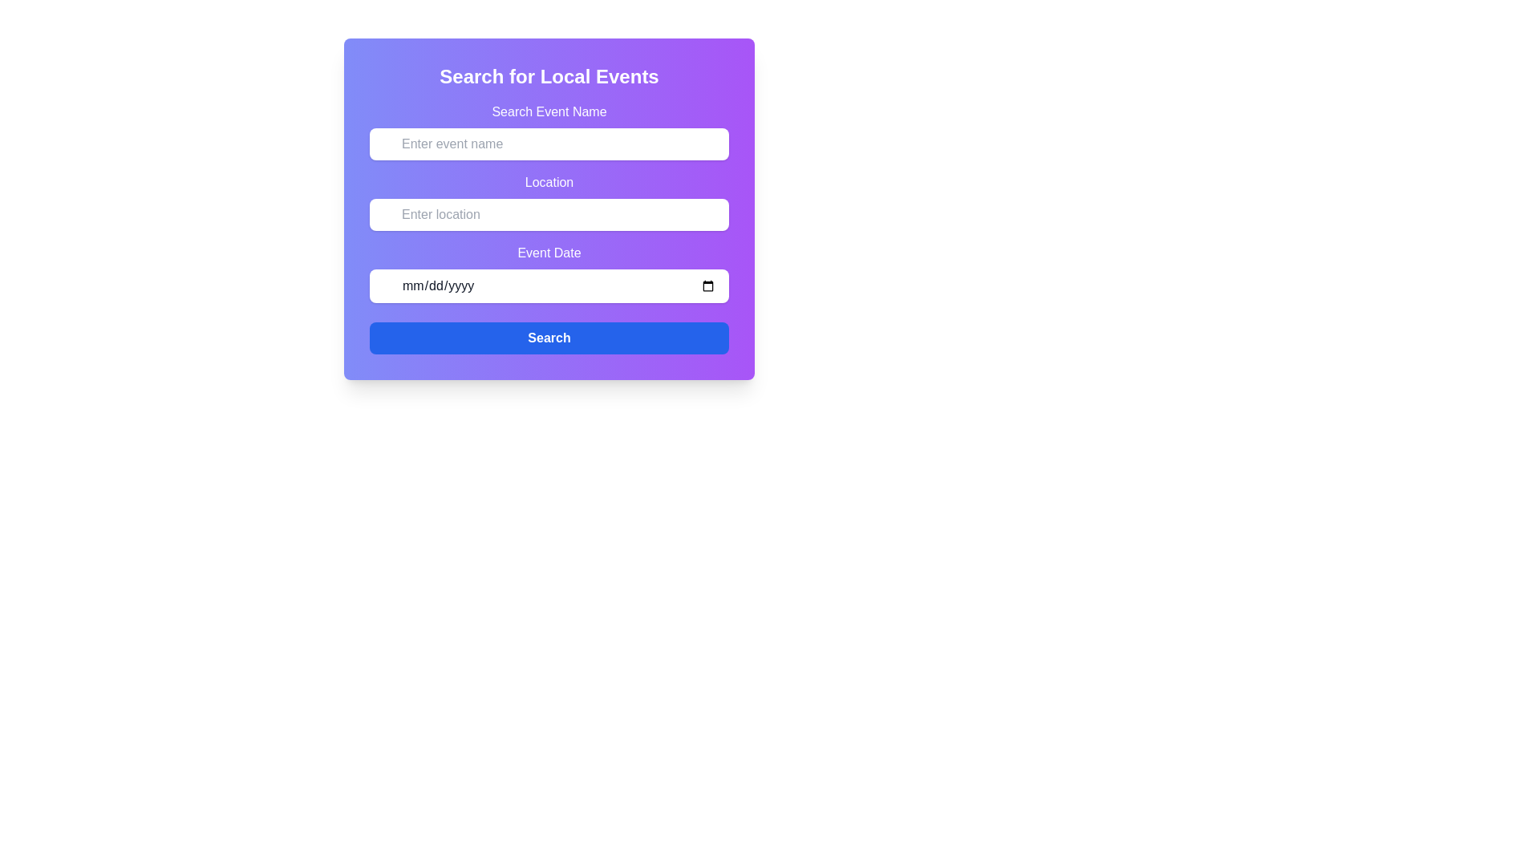  What do you see at coordinates (549, 131) in the screenshot?
I see `the instructional label for the event name input field in the 'Search for Local Events' form` at bounding box center [549, 131].